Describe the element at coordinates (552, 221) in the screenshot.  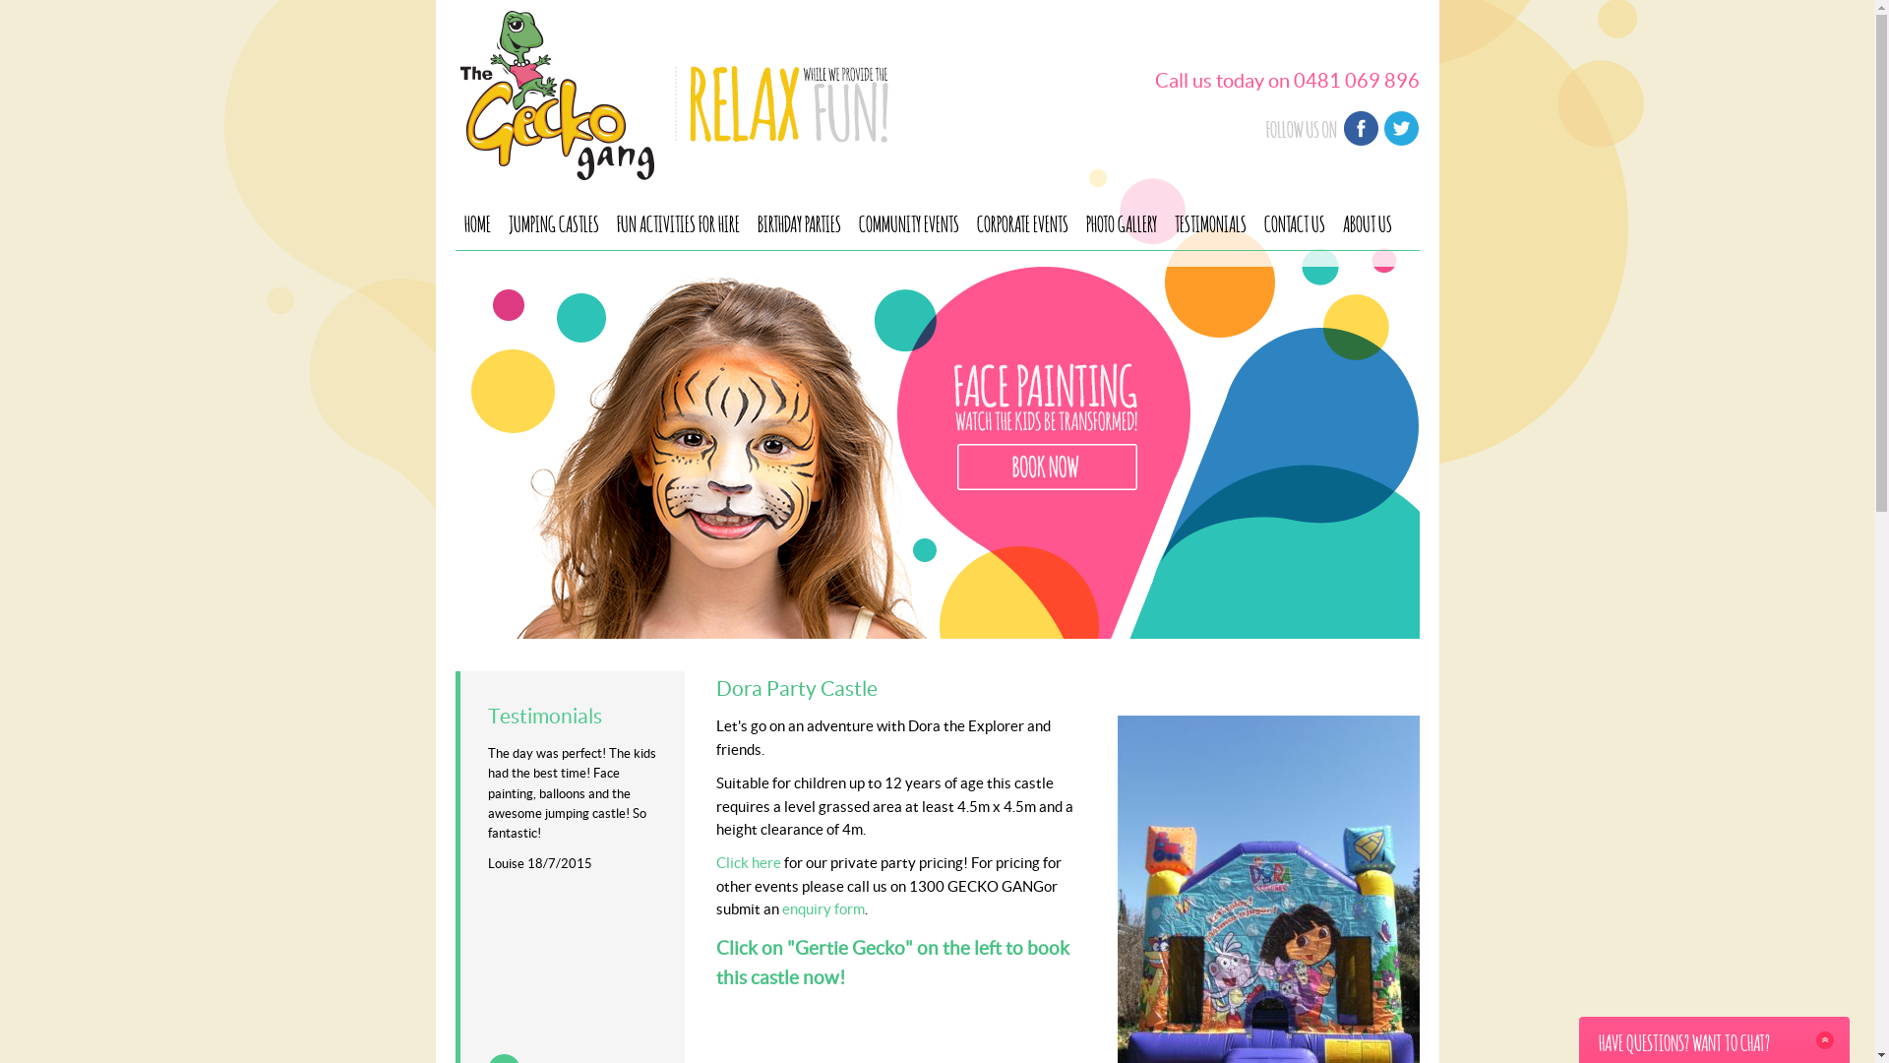
I see `'JUMPING CASTLES'` at that location.